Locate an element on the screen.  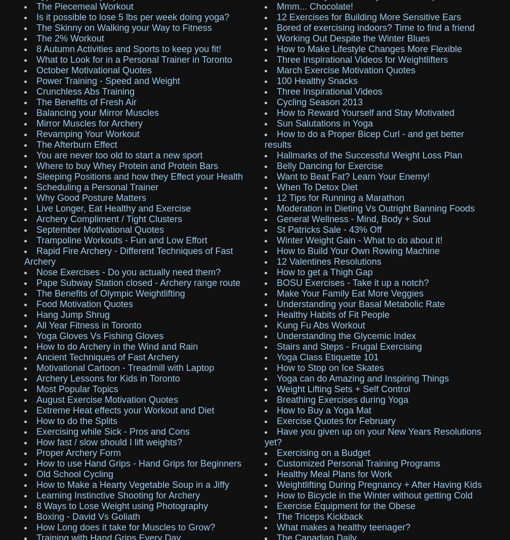
'Moderation in Dieting Vs Outright Banning Foods' is located at coordinates (277, 207).